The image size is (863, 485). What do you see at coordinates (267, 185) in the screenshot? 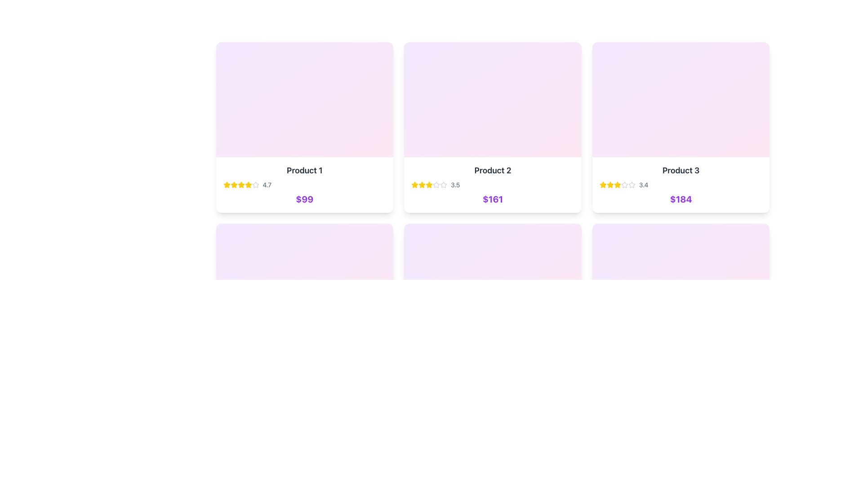
I see `the static text displaying the product rating, which is located below the product title and above the price display in the first product card, to the right of a set of 5 stars (4 filled in yellow, 1 in gray)` at bounding box center [267, 185].